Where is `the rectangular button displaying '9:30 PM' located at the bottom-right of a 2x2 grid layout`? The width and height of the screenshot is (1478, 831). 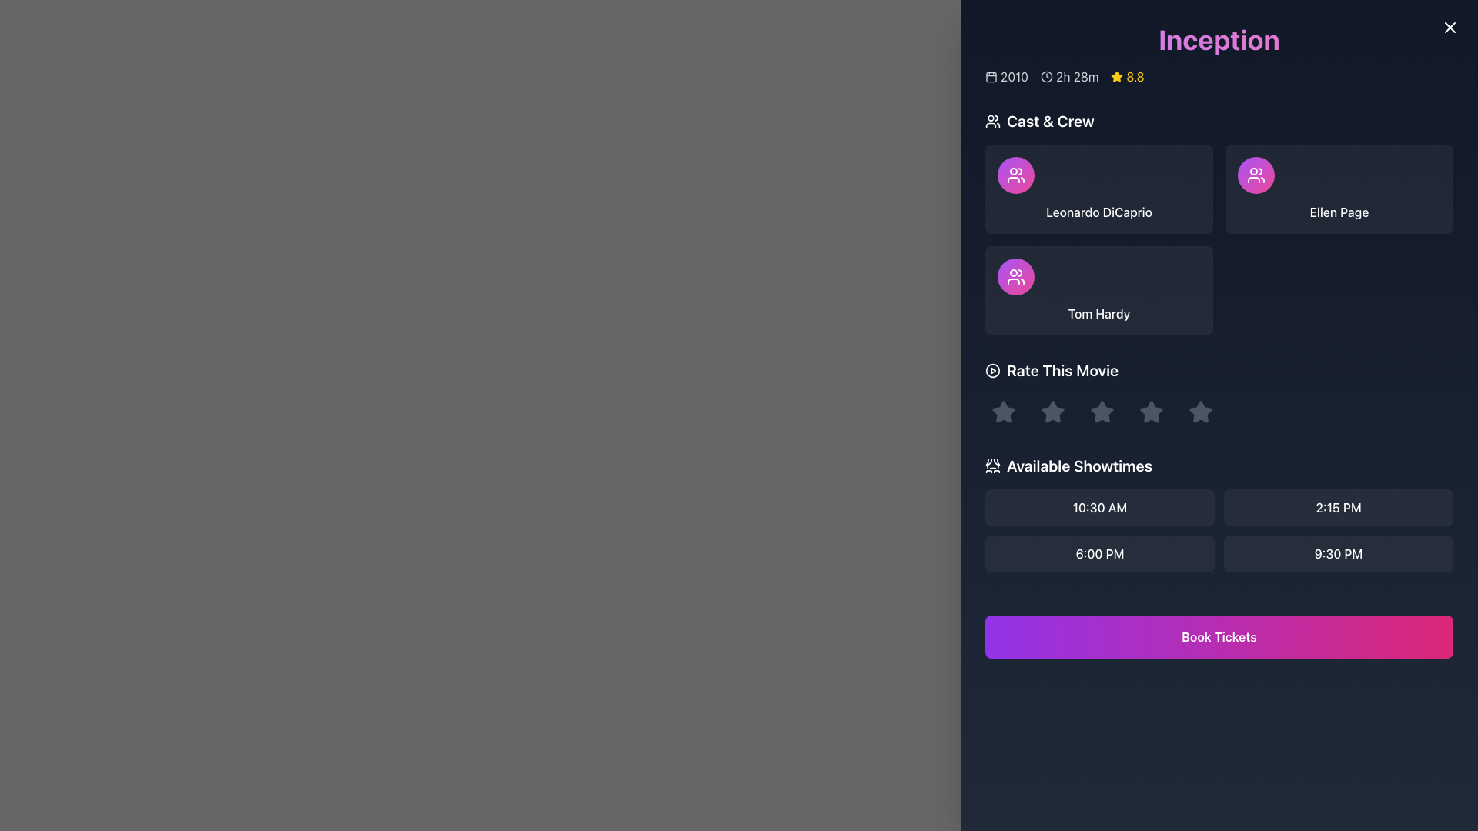 the rectangular button displaying '9:30 PM' located at the bottom-right of a 2x2 grid layout is located at coordinates (1337, 554).